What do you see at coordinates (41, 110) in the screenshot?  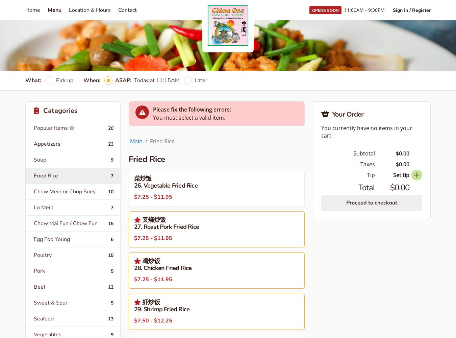 I see `'Categories'` at bounding box center [41, 110].